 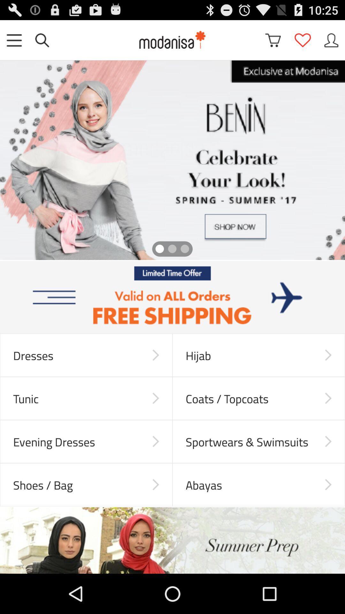 I want to click on click limited time offer, so click(x=172, y=297).